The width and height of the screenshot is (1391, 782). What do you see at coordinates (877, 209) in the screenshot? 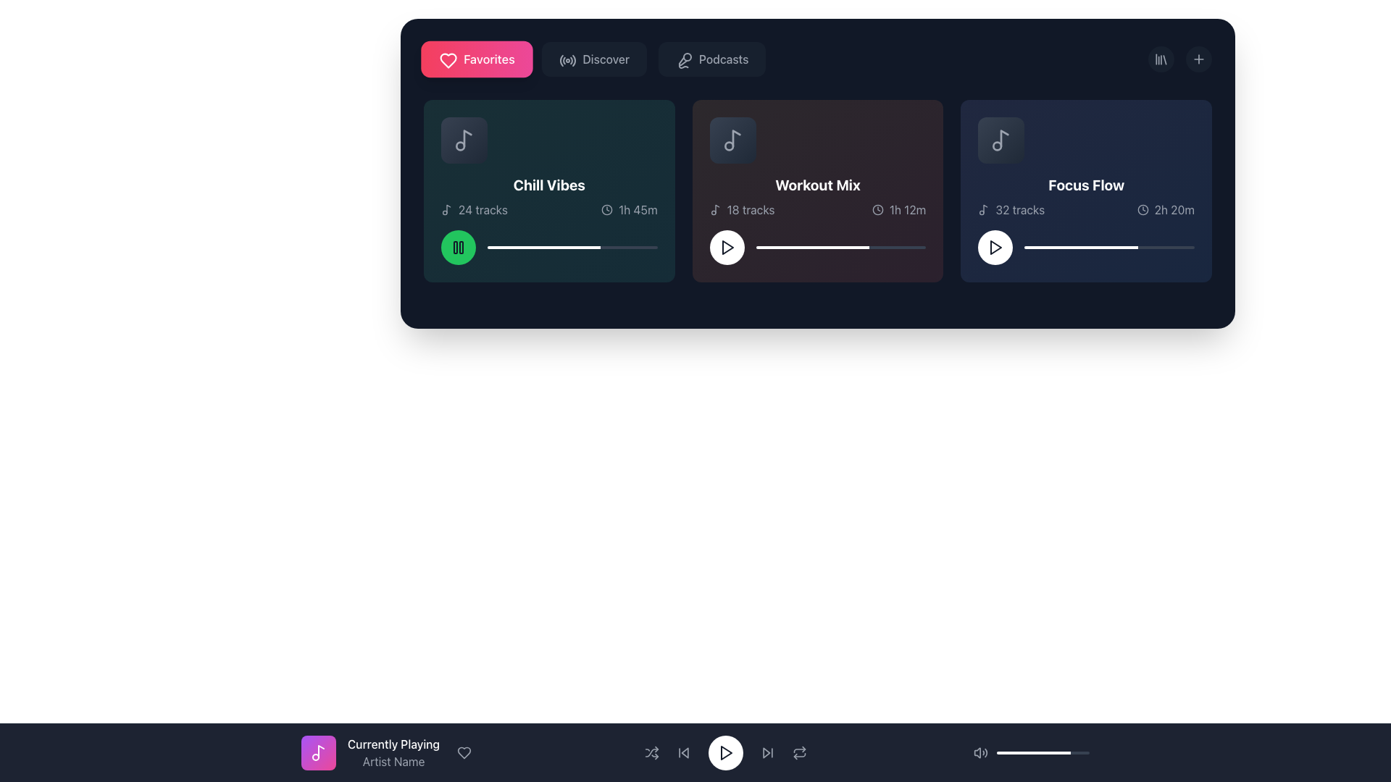
I see `the clock icon located at the bottom right corner of the 'Workout Mix' card, which features a minimalist design with clock hands pointing to a specific time` at bounding box center [877, 209].